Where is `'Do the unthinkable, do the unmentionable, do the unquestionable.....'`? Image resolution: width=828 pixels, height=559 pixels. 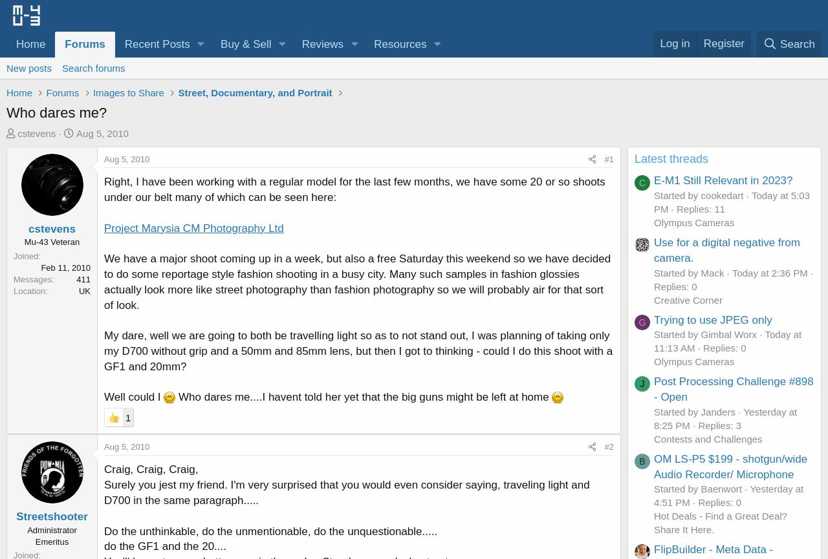 'Do the unthinkable, do the unmentionable, do the unquestionable.....' is located at coordinates (270, 530).